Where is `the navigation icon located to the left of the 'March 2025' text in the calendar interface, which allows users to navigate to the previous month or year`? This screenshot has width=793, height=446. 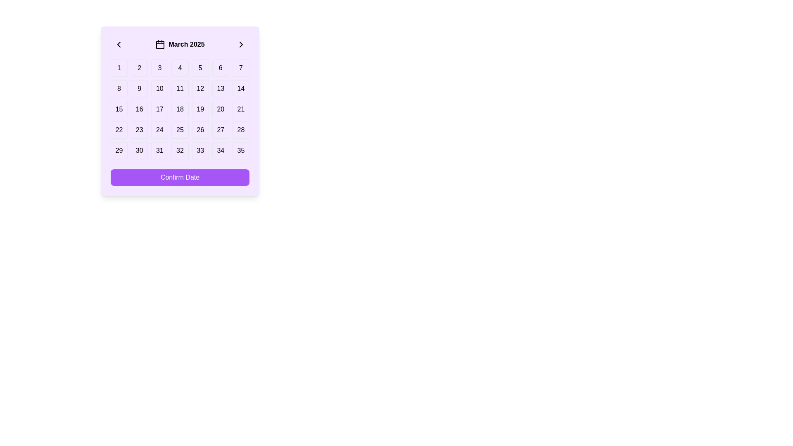 the navigation icon located to the left of the 'March 2025' text in the calendar interface, which allows users to navigate to the previous month or year is located at coordinates (119, 45).